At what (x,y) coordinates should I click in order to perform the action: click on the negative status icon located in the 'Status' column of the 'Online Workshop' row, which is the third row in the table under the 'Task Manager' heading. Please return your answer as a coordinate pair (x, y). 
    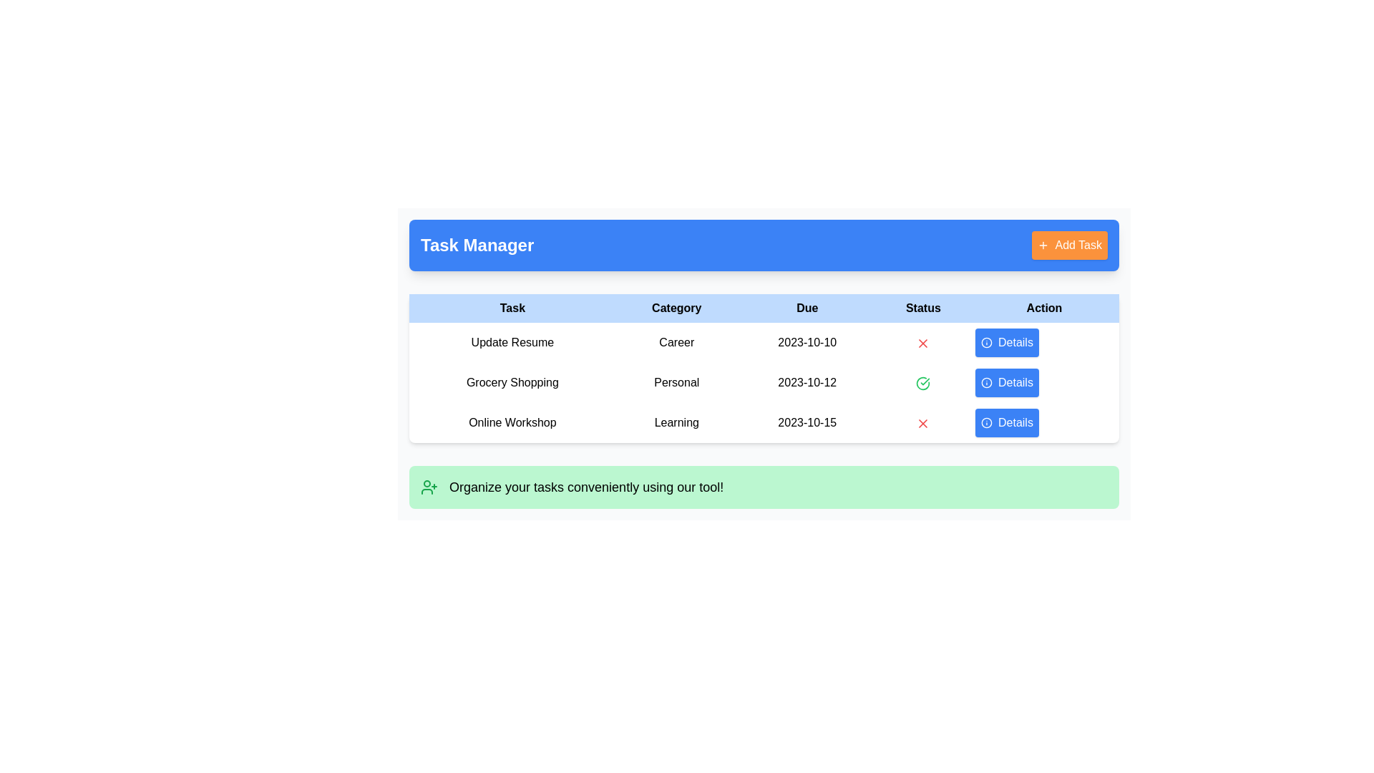
    Looking at the image, I should click on (923, 422).